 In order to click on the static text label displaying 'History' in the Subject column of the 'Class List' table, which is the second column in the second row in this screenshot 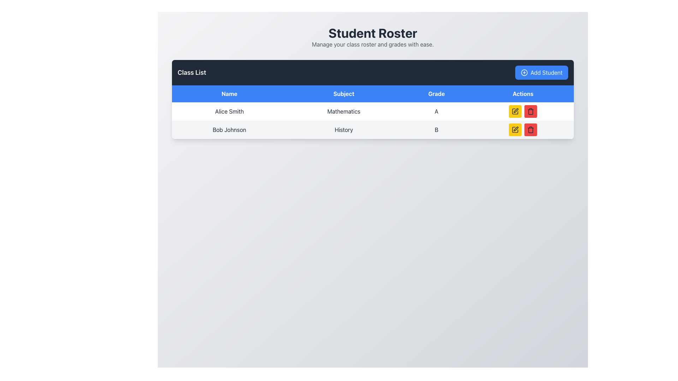, I will do `click(344, 129)`.